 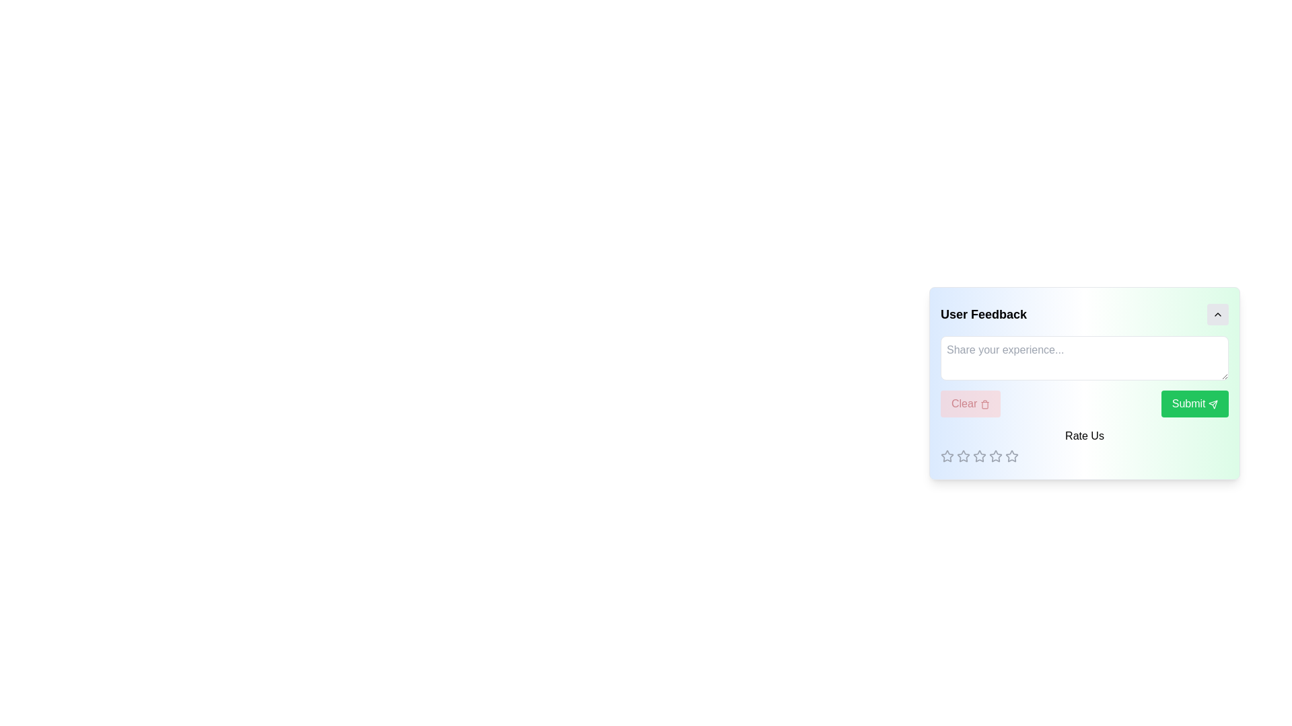 What do you see at coordinates (1011, 455) in the screenshot?
I see `the fourth star icon in the row of five star icons to set the rating` at bounding box center [1011, 455].